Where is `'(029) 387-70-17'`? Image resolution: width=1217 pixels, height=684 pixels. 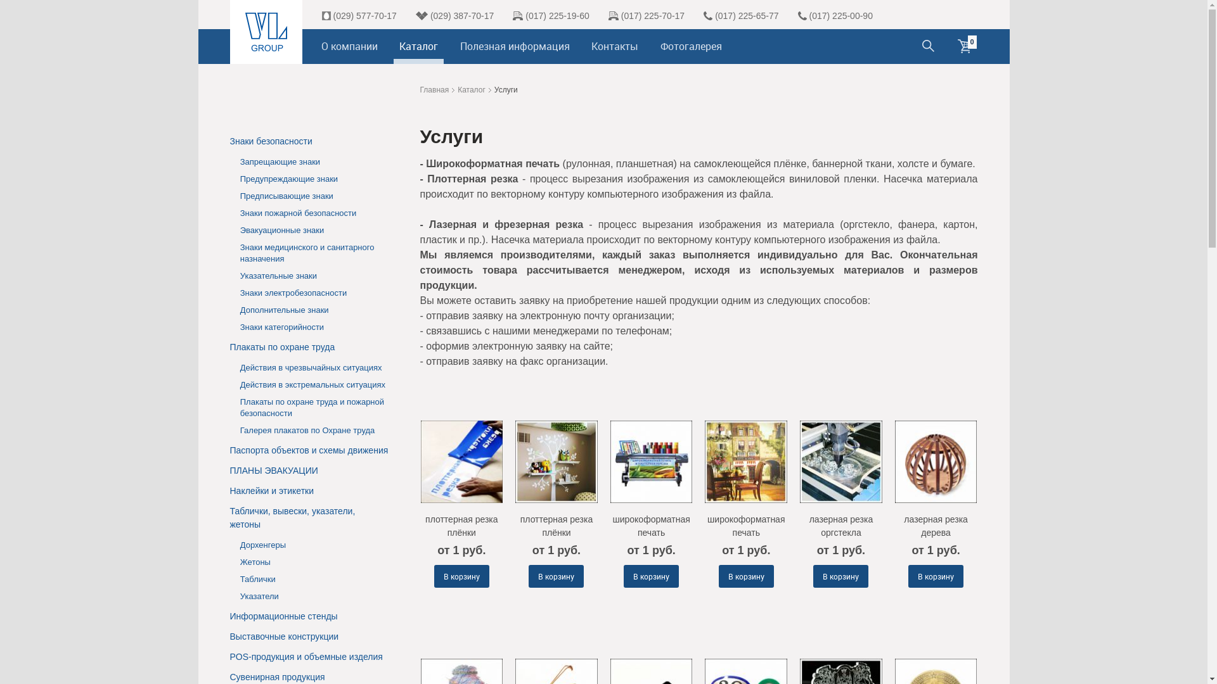 '(029) 387-70-17' is located at coordinates (461, 15).